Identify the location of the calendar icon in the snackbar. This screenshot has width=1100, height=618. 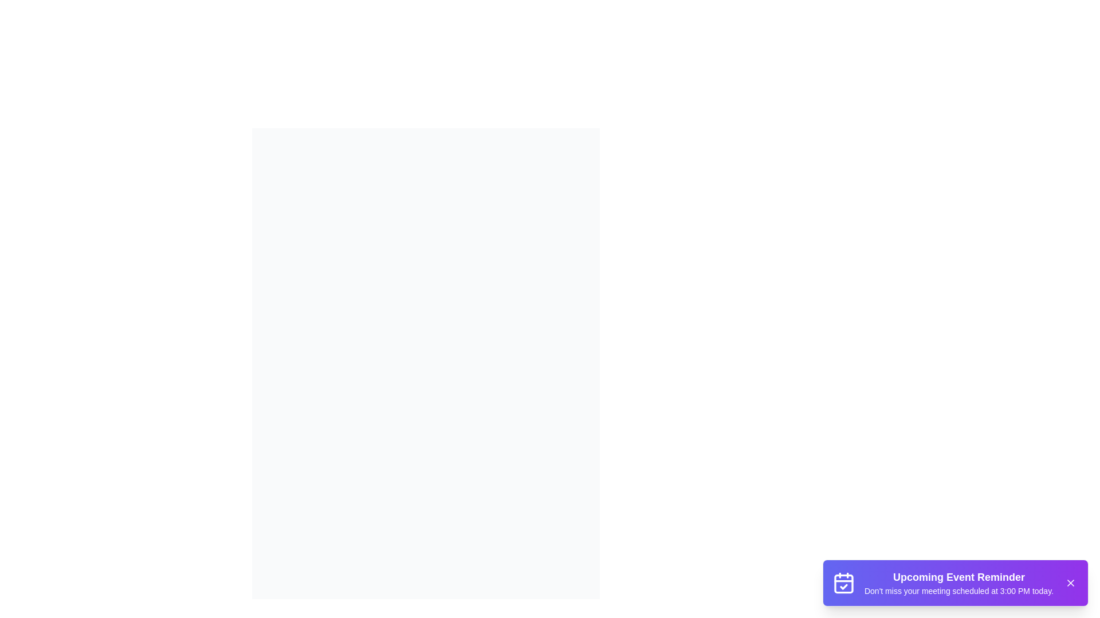
(844, 583).